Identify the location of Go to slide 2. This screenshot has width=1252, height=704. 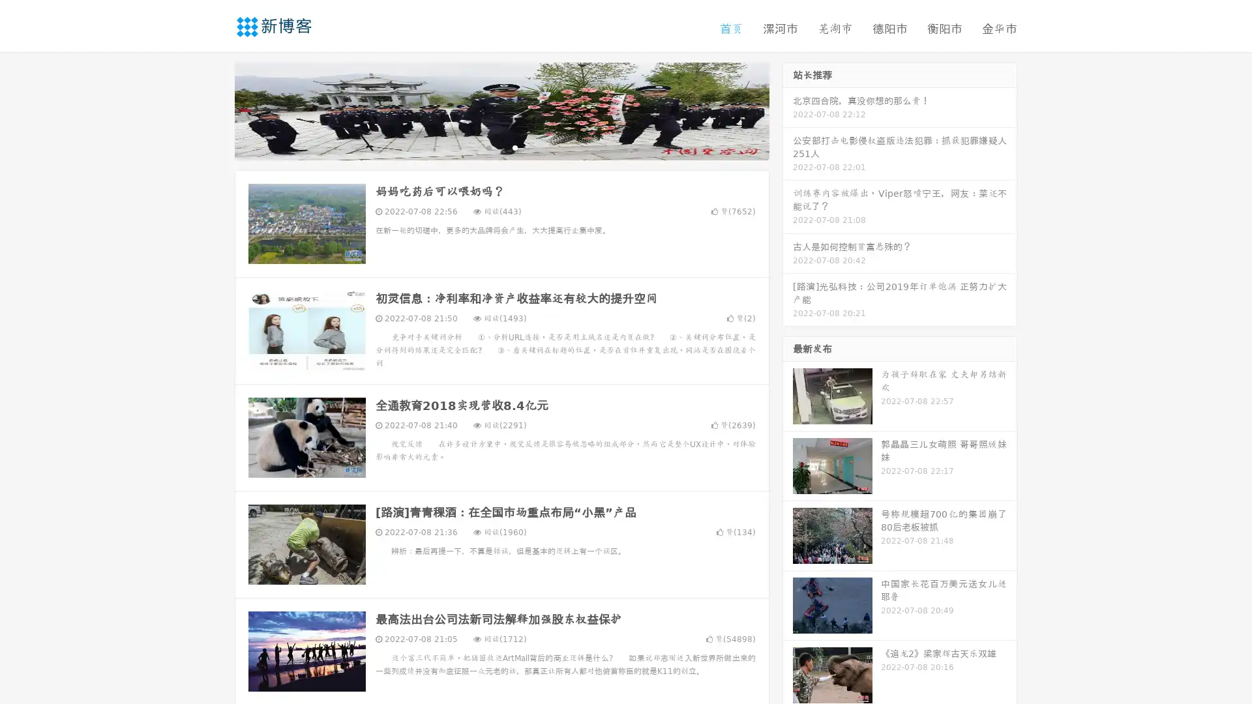
(501, 147).